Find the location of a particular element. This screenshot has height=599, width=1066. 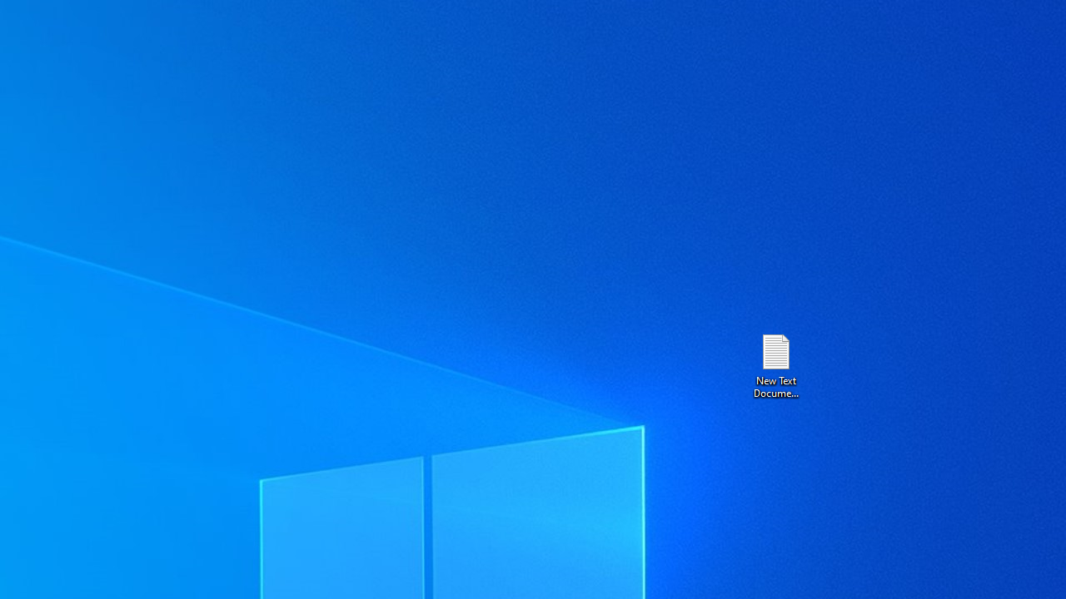

'New Text Document (2)' is located at coordinates (775, 364).